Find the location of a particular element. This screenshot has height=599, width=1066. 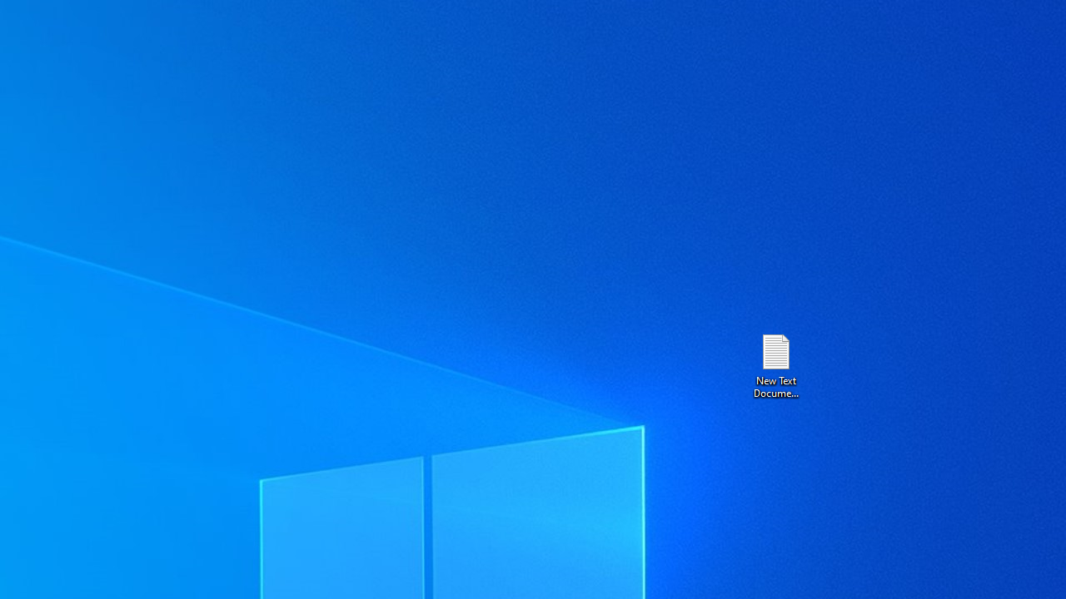

'New Text Document (2)' is located at coordinates (775, 364).